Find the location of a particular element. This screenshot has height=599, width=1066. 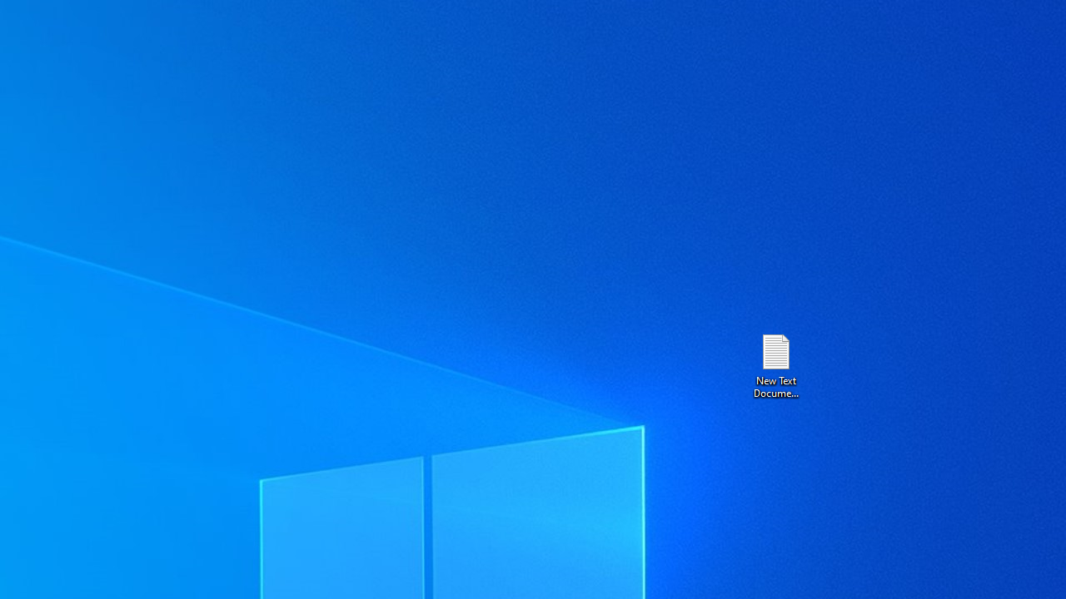

'New Text Document (2)' is located at coordinates (775, 364).